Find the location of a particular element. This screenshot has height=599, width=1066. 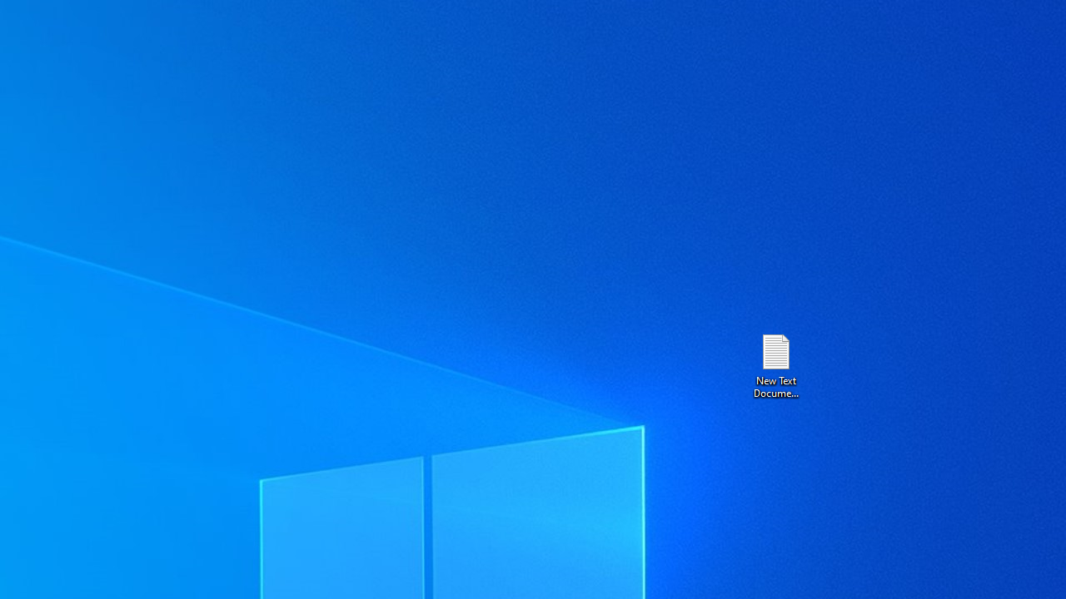

'New Text Document (2)' is located at coordinates (775, 364).